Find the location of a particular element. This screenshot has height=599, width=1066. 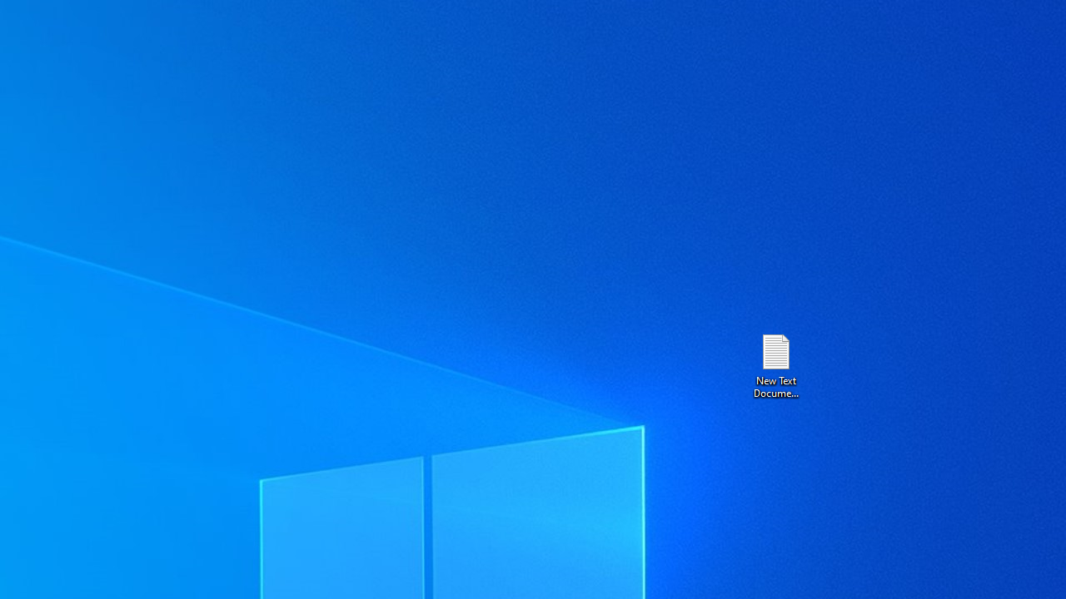

'New Text Document (2)' is located at coordinates (775, 364).